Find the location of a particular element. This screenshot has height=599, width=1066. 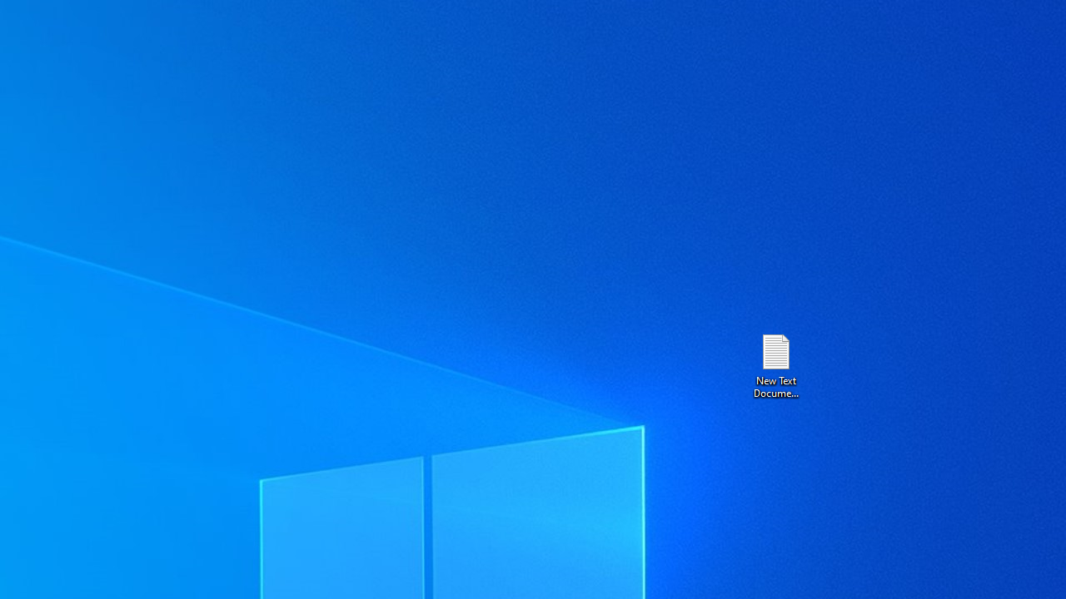

'New Text Document (2)' is located at coordinates (775, 364).